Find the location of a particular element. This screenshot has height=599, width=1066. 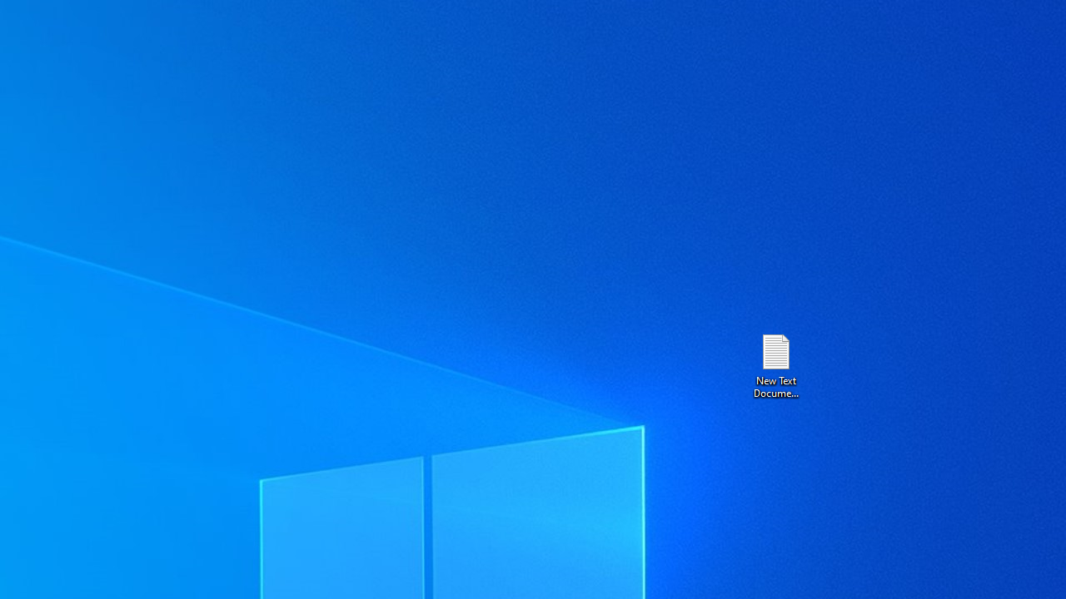

'New Text Document (2)' is located at coordinates (775, 364).